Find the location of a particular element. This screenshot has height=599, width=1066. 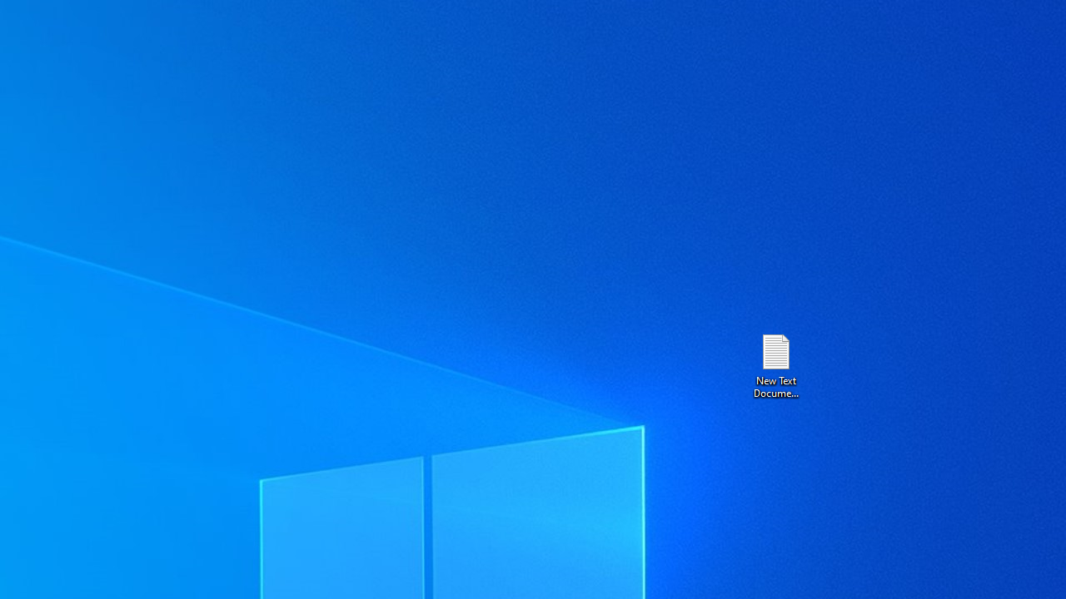

'New Text Document (2)' is located at coordinates (775, 364).